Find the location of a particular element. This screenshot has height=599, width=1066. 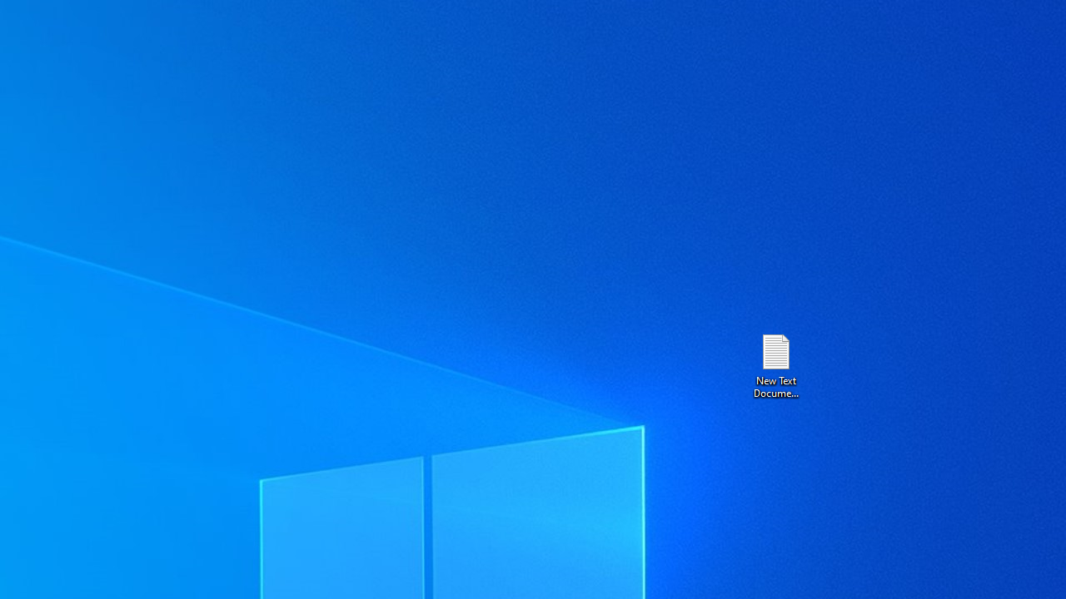

'New Text Document (2)' is located at coordinates (775, 364).